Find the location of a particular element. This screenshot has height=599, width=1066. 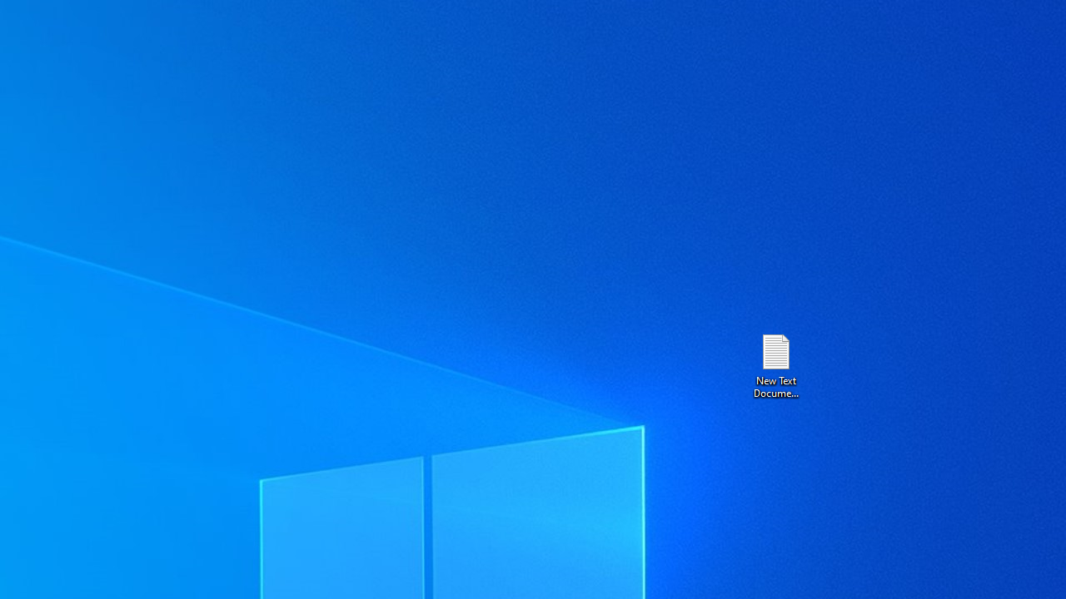

'New Text Document (2)' is located at coordinates (775, 364).